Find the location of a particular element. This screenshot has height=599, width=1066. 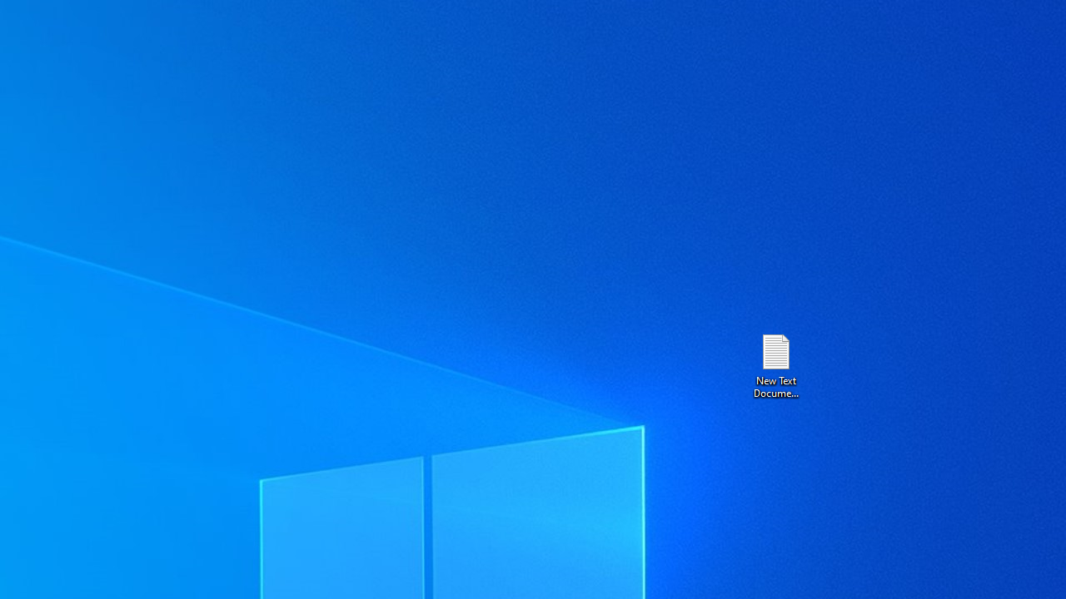

'New Text Document (2)' is located at coordinates (775, 364).